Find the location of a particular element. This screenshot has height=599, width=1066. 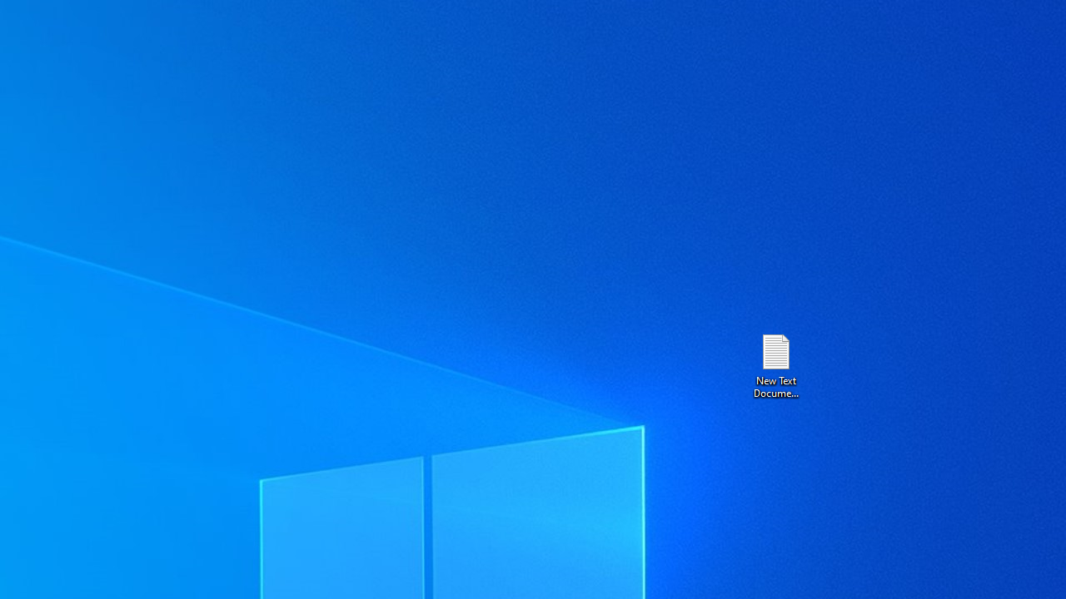

'New Text Document (2)' is located at coordinates (775, 364).